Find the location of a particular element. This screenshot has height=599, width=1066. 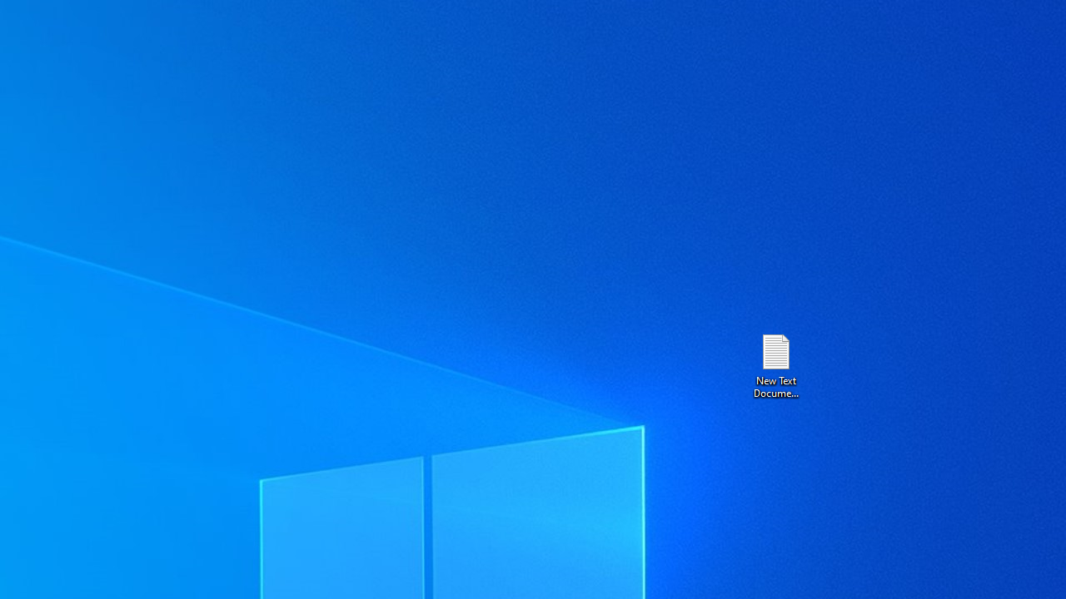

'New Text Document (2)' is located at coordinates (775, 364).